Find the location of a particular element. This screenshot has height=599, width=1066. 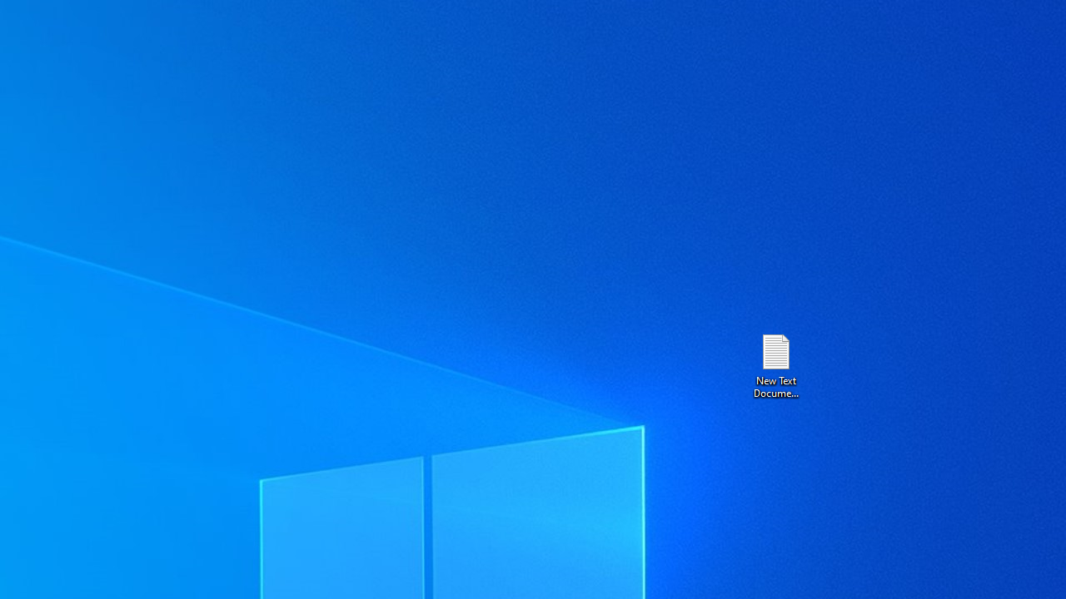

'New Text Document (2)' is located at coordinates (775, 364).